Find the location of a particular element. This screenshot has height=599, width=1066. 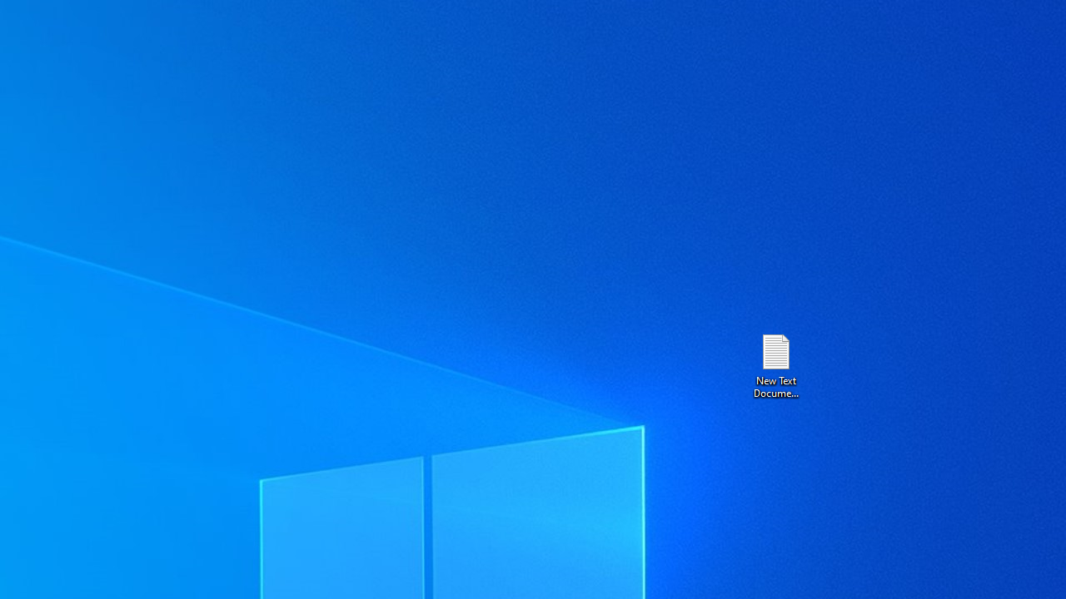

'New Text Document (2)' is located at coordinates (775, 364).